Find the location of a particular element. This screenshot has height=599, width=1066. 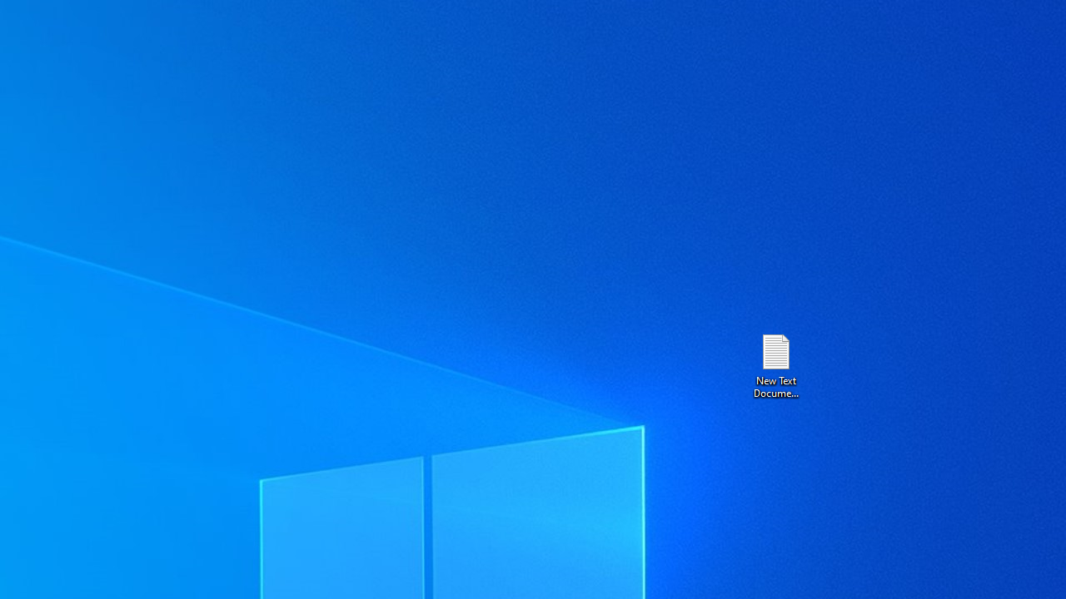

'New Text Document (2)' is located at coordinates (775, 364).